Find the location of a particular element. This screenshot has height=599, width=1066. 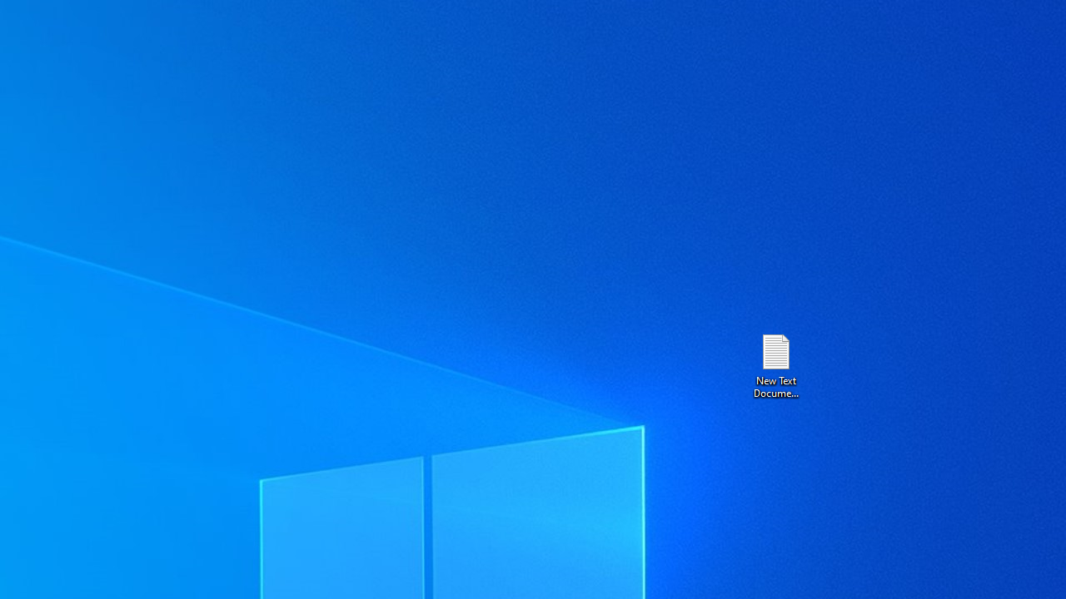

'New Text Document (2)' is located at coordinates (775, 364).